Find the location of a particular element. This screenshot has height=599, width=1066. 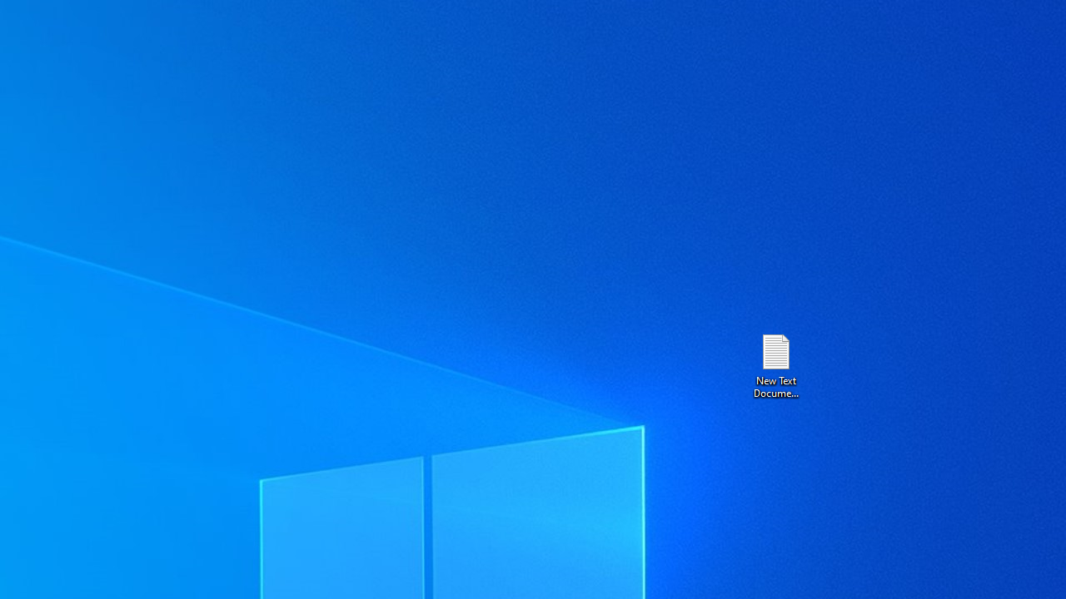

'New Text Document (2)' is located at coordinates (775, 364).